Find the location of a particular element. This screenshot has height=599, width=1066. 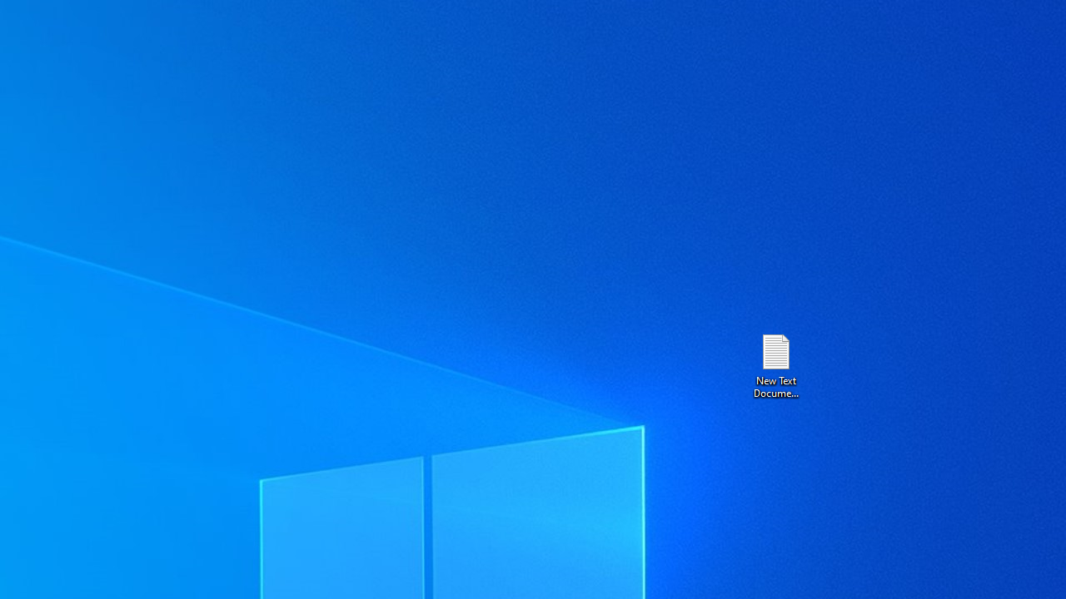

'New Text Document (2)' is located at coordinates (775, 364).